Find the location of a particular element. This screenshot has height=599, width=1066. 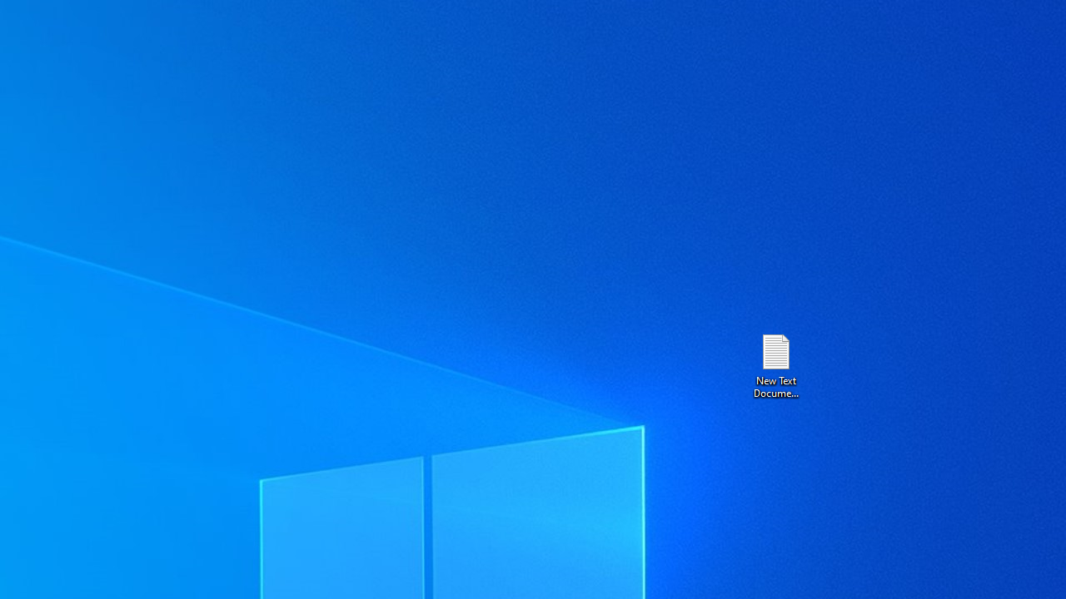

'New Text Document (2)' is located at coordinates (775, 364).